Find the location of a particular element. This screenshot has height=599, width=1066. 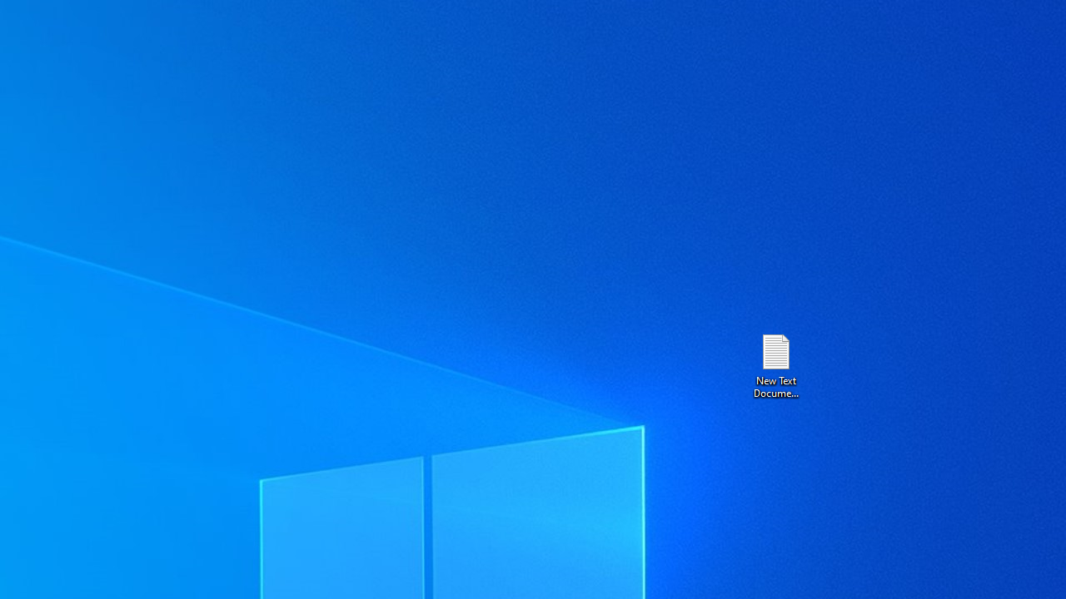

'New Text Document (2)' is located at coordinates (775, 364).